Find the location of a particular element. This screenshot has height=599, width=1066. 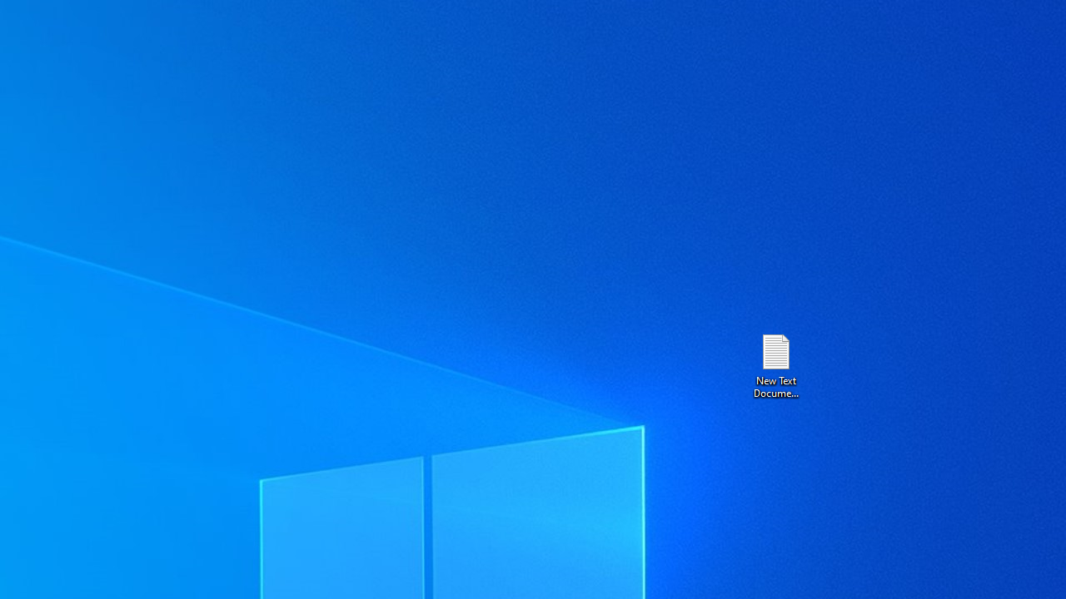

'New Text Document (2)' is located at coordinates (775, 364).